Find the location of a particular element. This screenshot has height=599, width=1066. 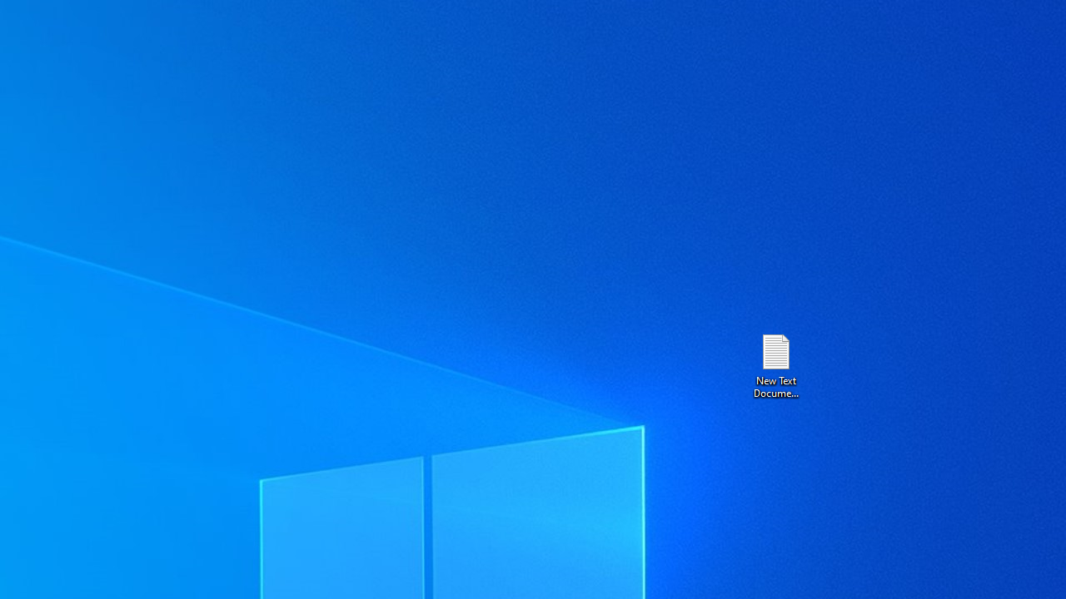

'New Text Document (2)' is located at coordinates (775, 364).